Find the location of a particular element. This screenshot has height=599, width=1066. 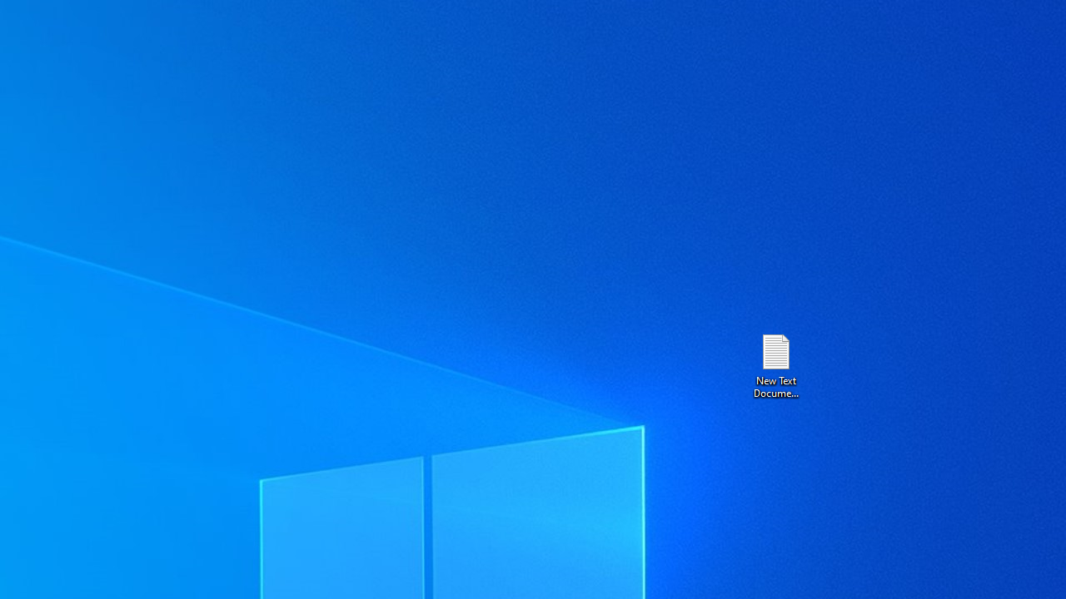

'New Text Document (2)' is located at coordinates (775, 364).